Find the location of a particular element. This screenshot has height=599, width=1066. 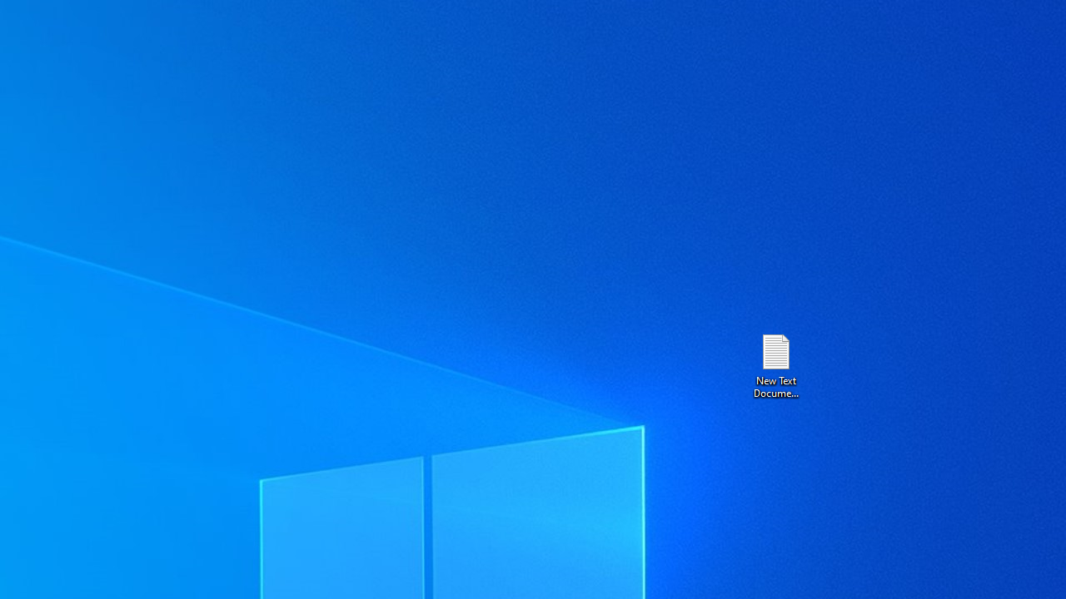

'New Text Document (2)' is located at coordinates (775, 364).